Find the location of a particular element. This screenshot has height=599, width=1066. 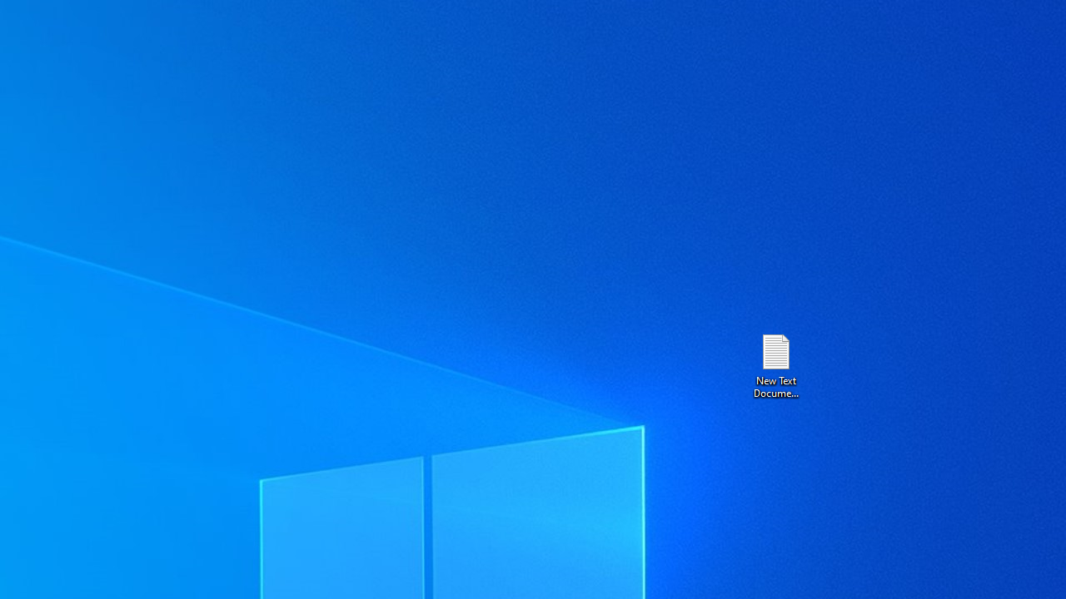

'New Text Document (2)' is located at coordinates (775, 364).